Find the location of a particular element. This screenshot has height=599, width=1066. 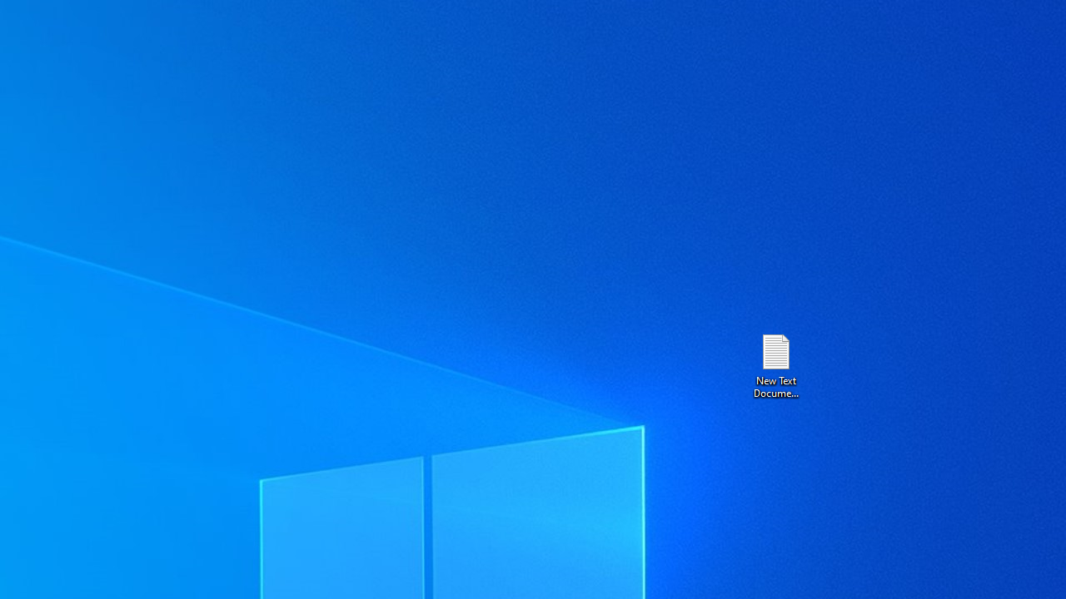

'New Text Document (2)' is located at coordinates (775, 364).